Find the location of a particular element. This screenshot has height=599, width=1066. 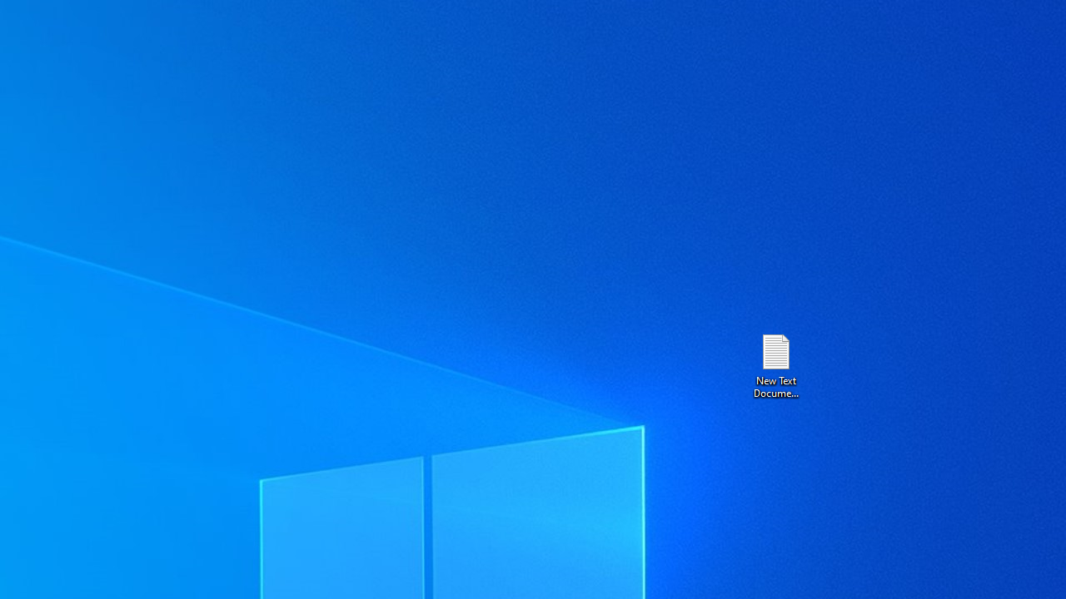

'New Text Document (2)' is located at coordinates (775, 364).